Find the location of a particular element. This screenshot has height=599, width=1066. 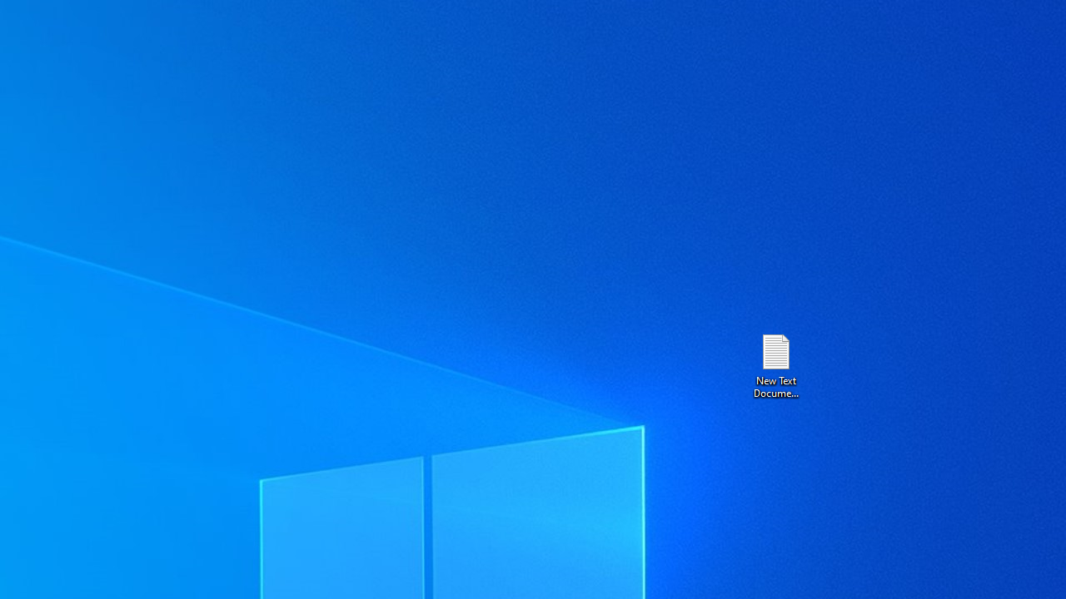

'New Text Document (2)' is located at coordinates (775, 364).